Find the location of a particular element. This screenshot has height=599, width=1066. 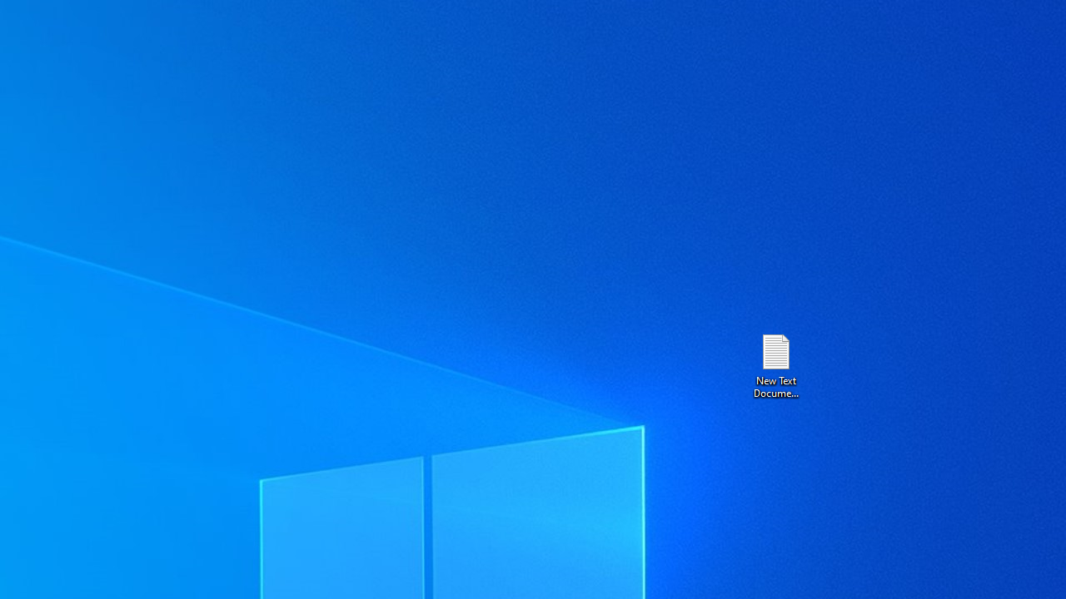

'New Text Document (2)' is located at coordinates (775, 364).